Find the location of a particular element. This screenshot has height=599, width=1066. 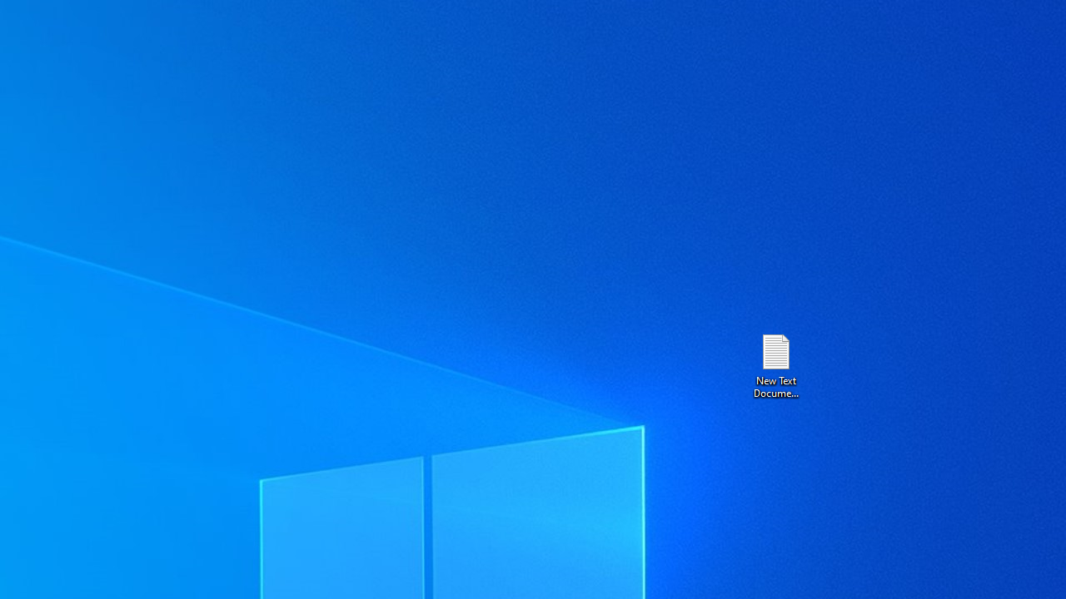

'New Text Document (2)' is located at coordinates (775, 364).